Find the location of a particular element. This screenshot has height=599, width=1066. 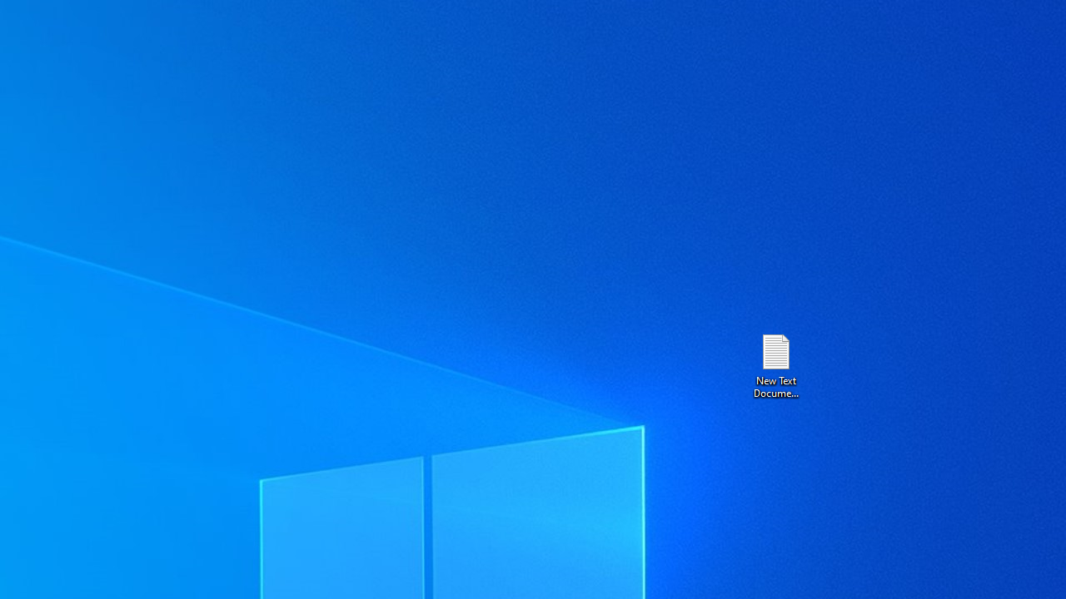

'New Text Document (2)' is located at coordinates (775, 364).